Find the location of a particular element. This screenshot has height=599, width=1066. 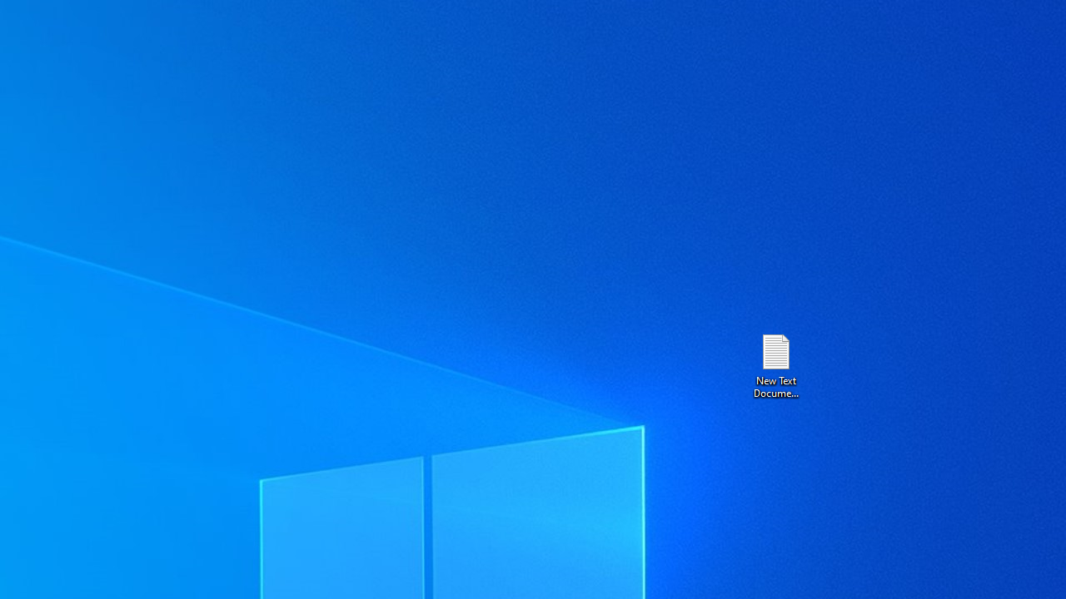

'New Text Document (2)' is located at coordinates (775, 364).